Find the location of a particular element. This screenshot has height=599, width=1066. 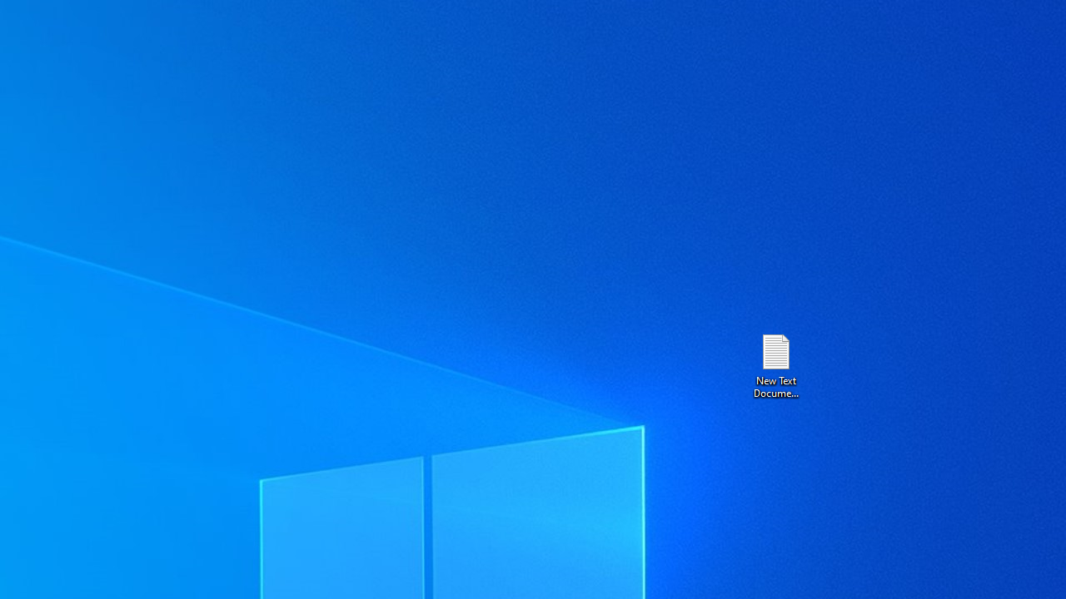

'New Text Document (2)' is located at coordinates (775, 364).